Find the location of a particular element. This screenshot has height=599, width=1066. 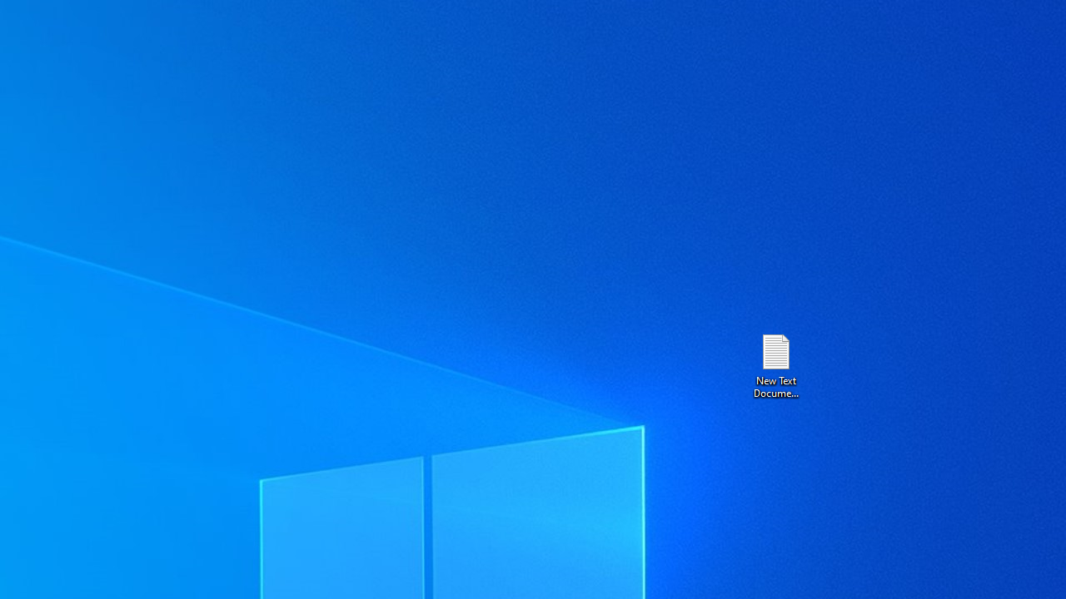

'New Text Document (2)' is located at coordinates (775, 364).